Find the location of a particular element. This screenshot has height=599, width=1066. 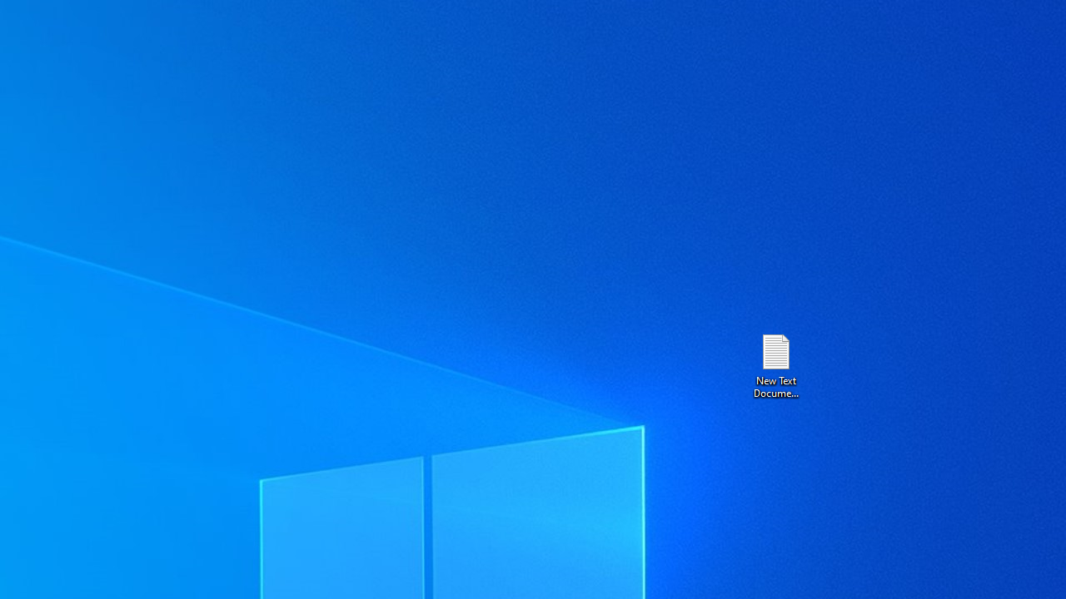

'New Text Document (2)' is located at coordinates (775, 364).